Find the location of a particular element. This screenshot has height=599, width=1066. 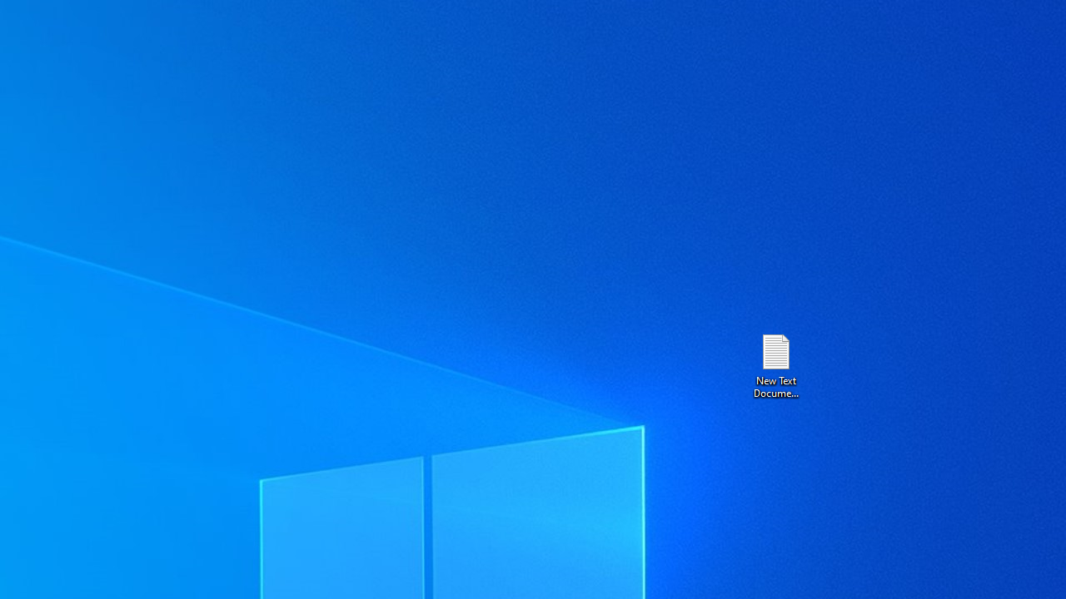

'New Text Document (2)' is located at coordinates (775, 364).